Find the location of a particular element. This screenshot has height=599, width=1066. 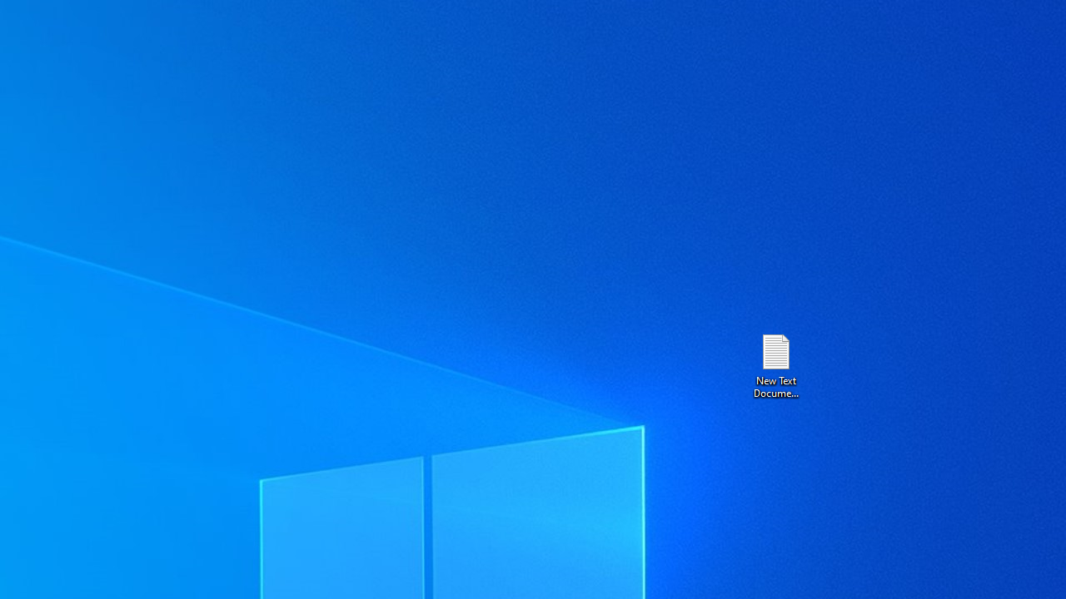

'New Text Document (2)' is located at coordinates (775, 364).